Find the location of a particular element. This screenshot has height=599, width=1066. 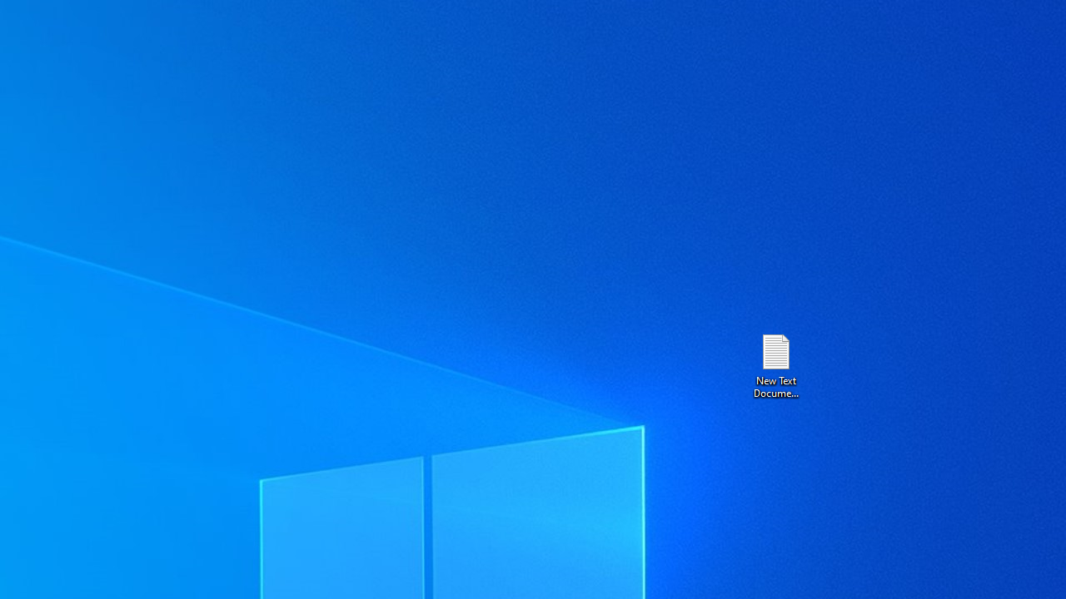

'New Text Document (2)' is located at coordinates (775, 364).